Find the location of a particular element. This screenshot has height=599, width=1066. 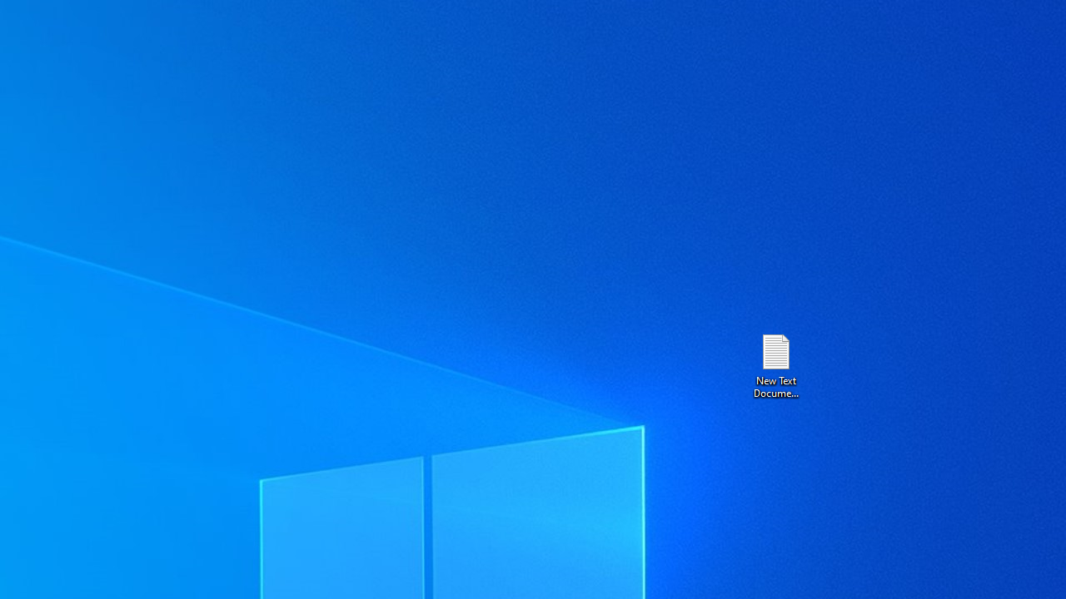

'New Text Document (2)' is located at coordinates (775, 364).